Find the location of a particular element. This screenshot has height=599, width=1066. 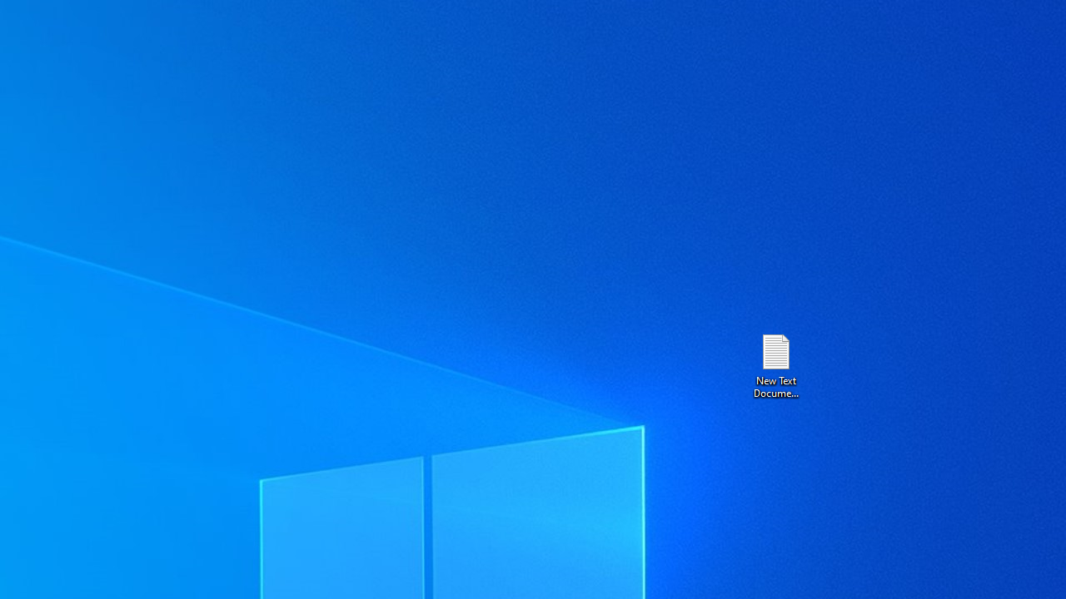

'New Text Document (2)' is located at coordinates (775, 364).